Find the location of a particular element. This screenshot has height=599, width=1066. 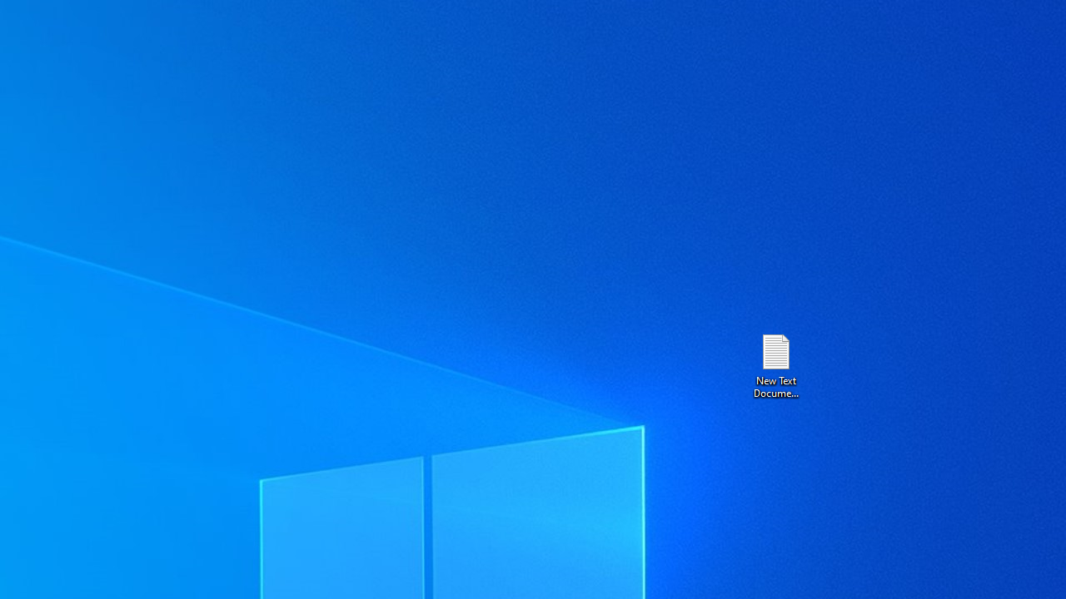

'New Text Document (2)' is located at coordinates (775, 364).